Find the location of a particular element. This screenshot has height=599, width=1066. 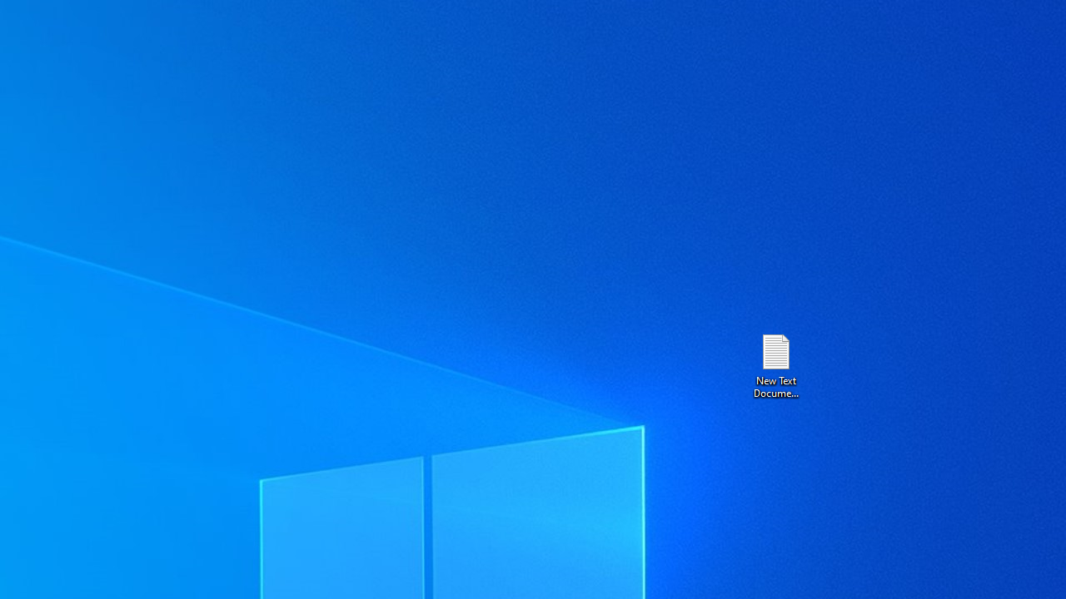

'New Text Document (2)' is located at coordinates (775, 364).